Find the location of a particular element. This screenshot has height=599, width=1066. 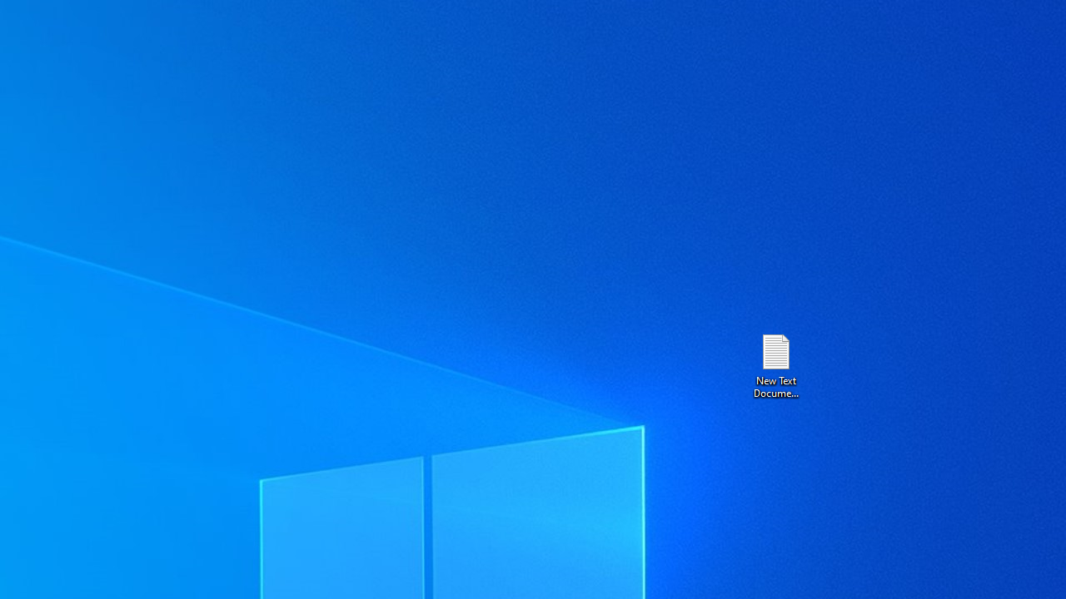

'New Text Document (2)' is located at coordinates (775, 364).